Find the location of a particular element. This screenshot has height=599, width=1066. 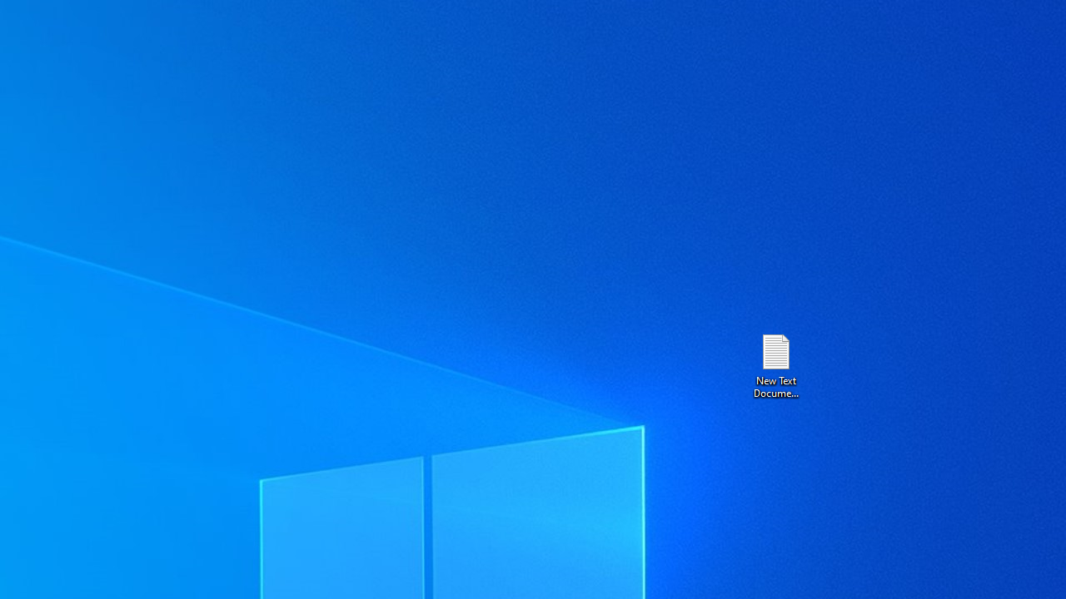

'New Text Document (2)' is located at coordinates (775, 364).